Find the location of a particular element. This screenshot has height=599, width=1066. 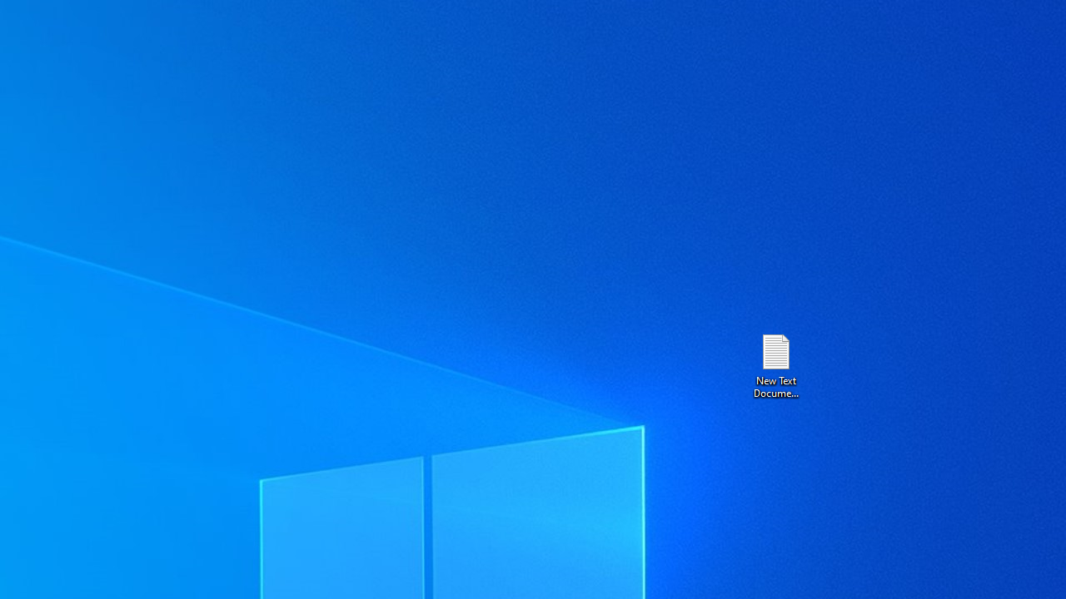

'New Text Document (2)' is located at coordinates (775, 364).